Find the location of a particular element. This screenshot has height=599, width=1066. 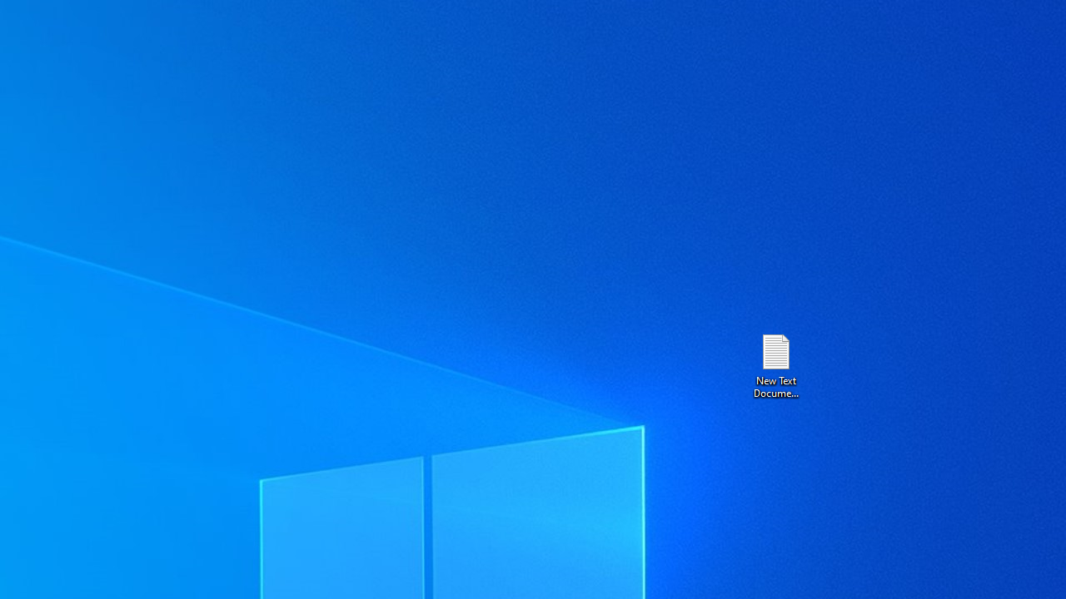

'New Text Document (2)' is located at coordinates (775, 364).